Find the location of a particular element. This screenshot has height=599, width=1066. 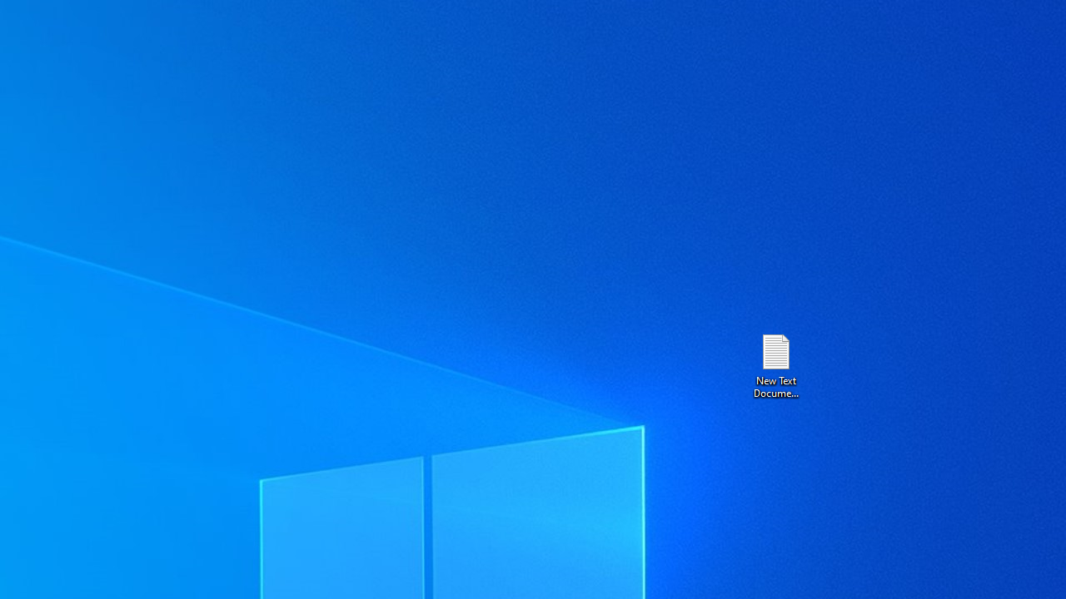

'New Text Document (2)' is located at coordinates (775, 364).